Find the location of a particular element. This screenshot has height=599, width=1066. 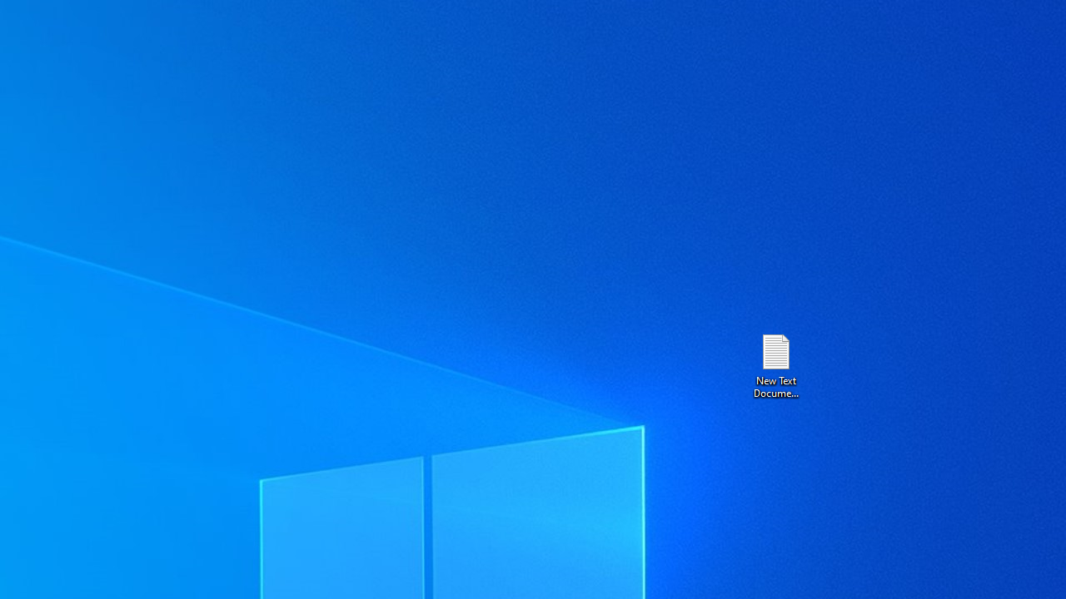

'New Text Document (2)' is located at coordinates (775, 364).